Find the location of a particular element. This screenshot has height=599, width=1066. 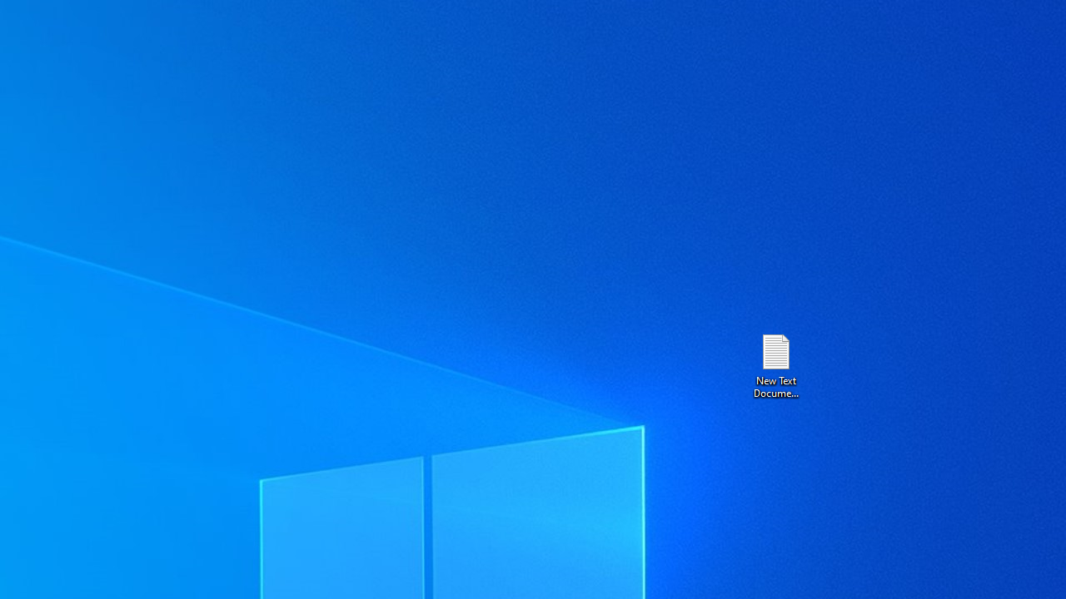

'New Text Document (2)' is located at coordinates (775, 364).